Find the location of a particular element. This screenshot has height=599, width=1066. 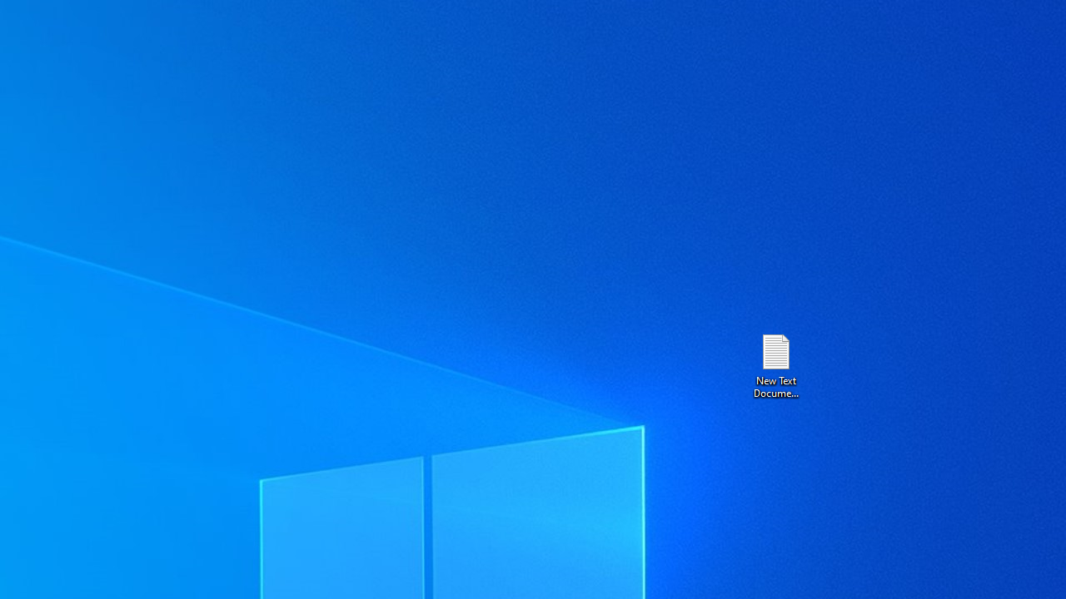

'New Text Document (2)' is located at coordinates (775, 364).